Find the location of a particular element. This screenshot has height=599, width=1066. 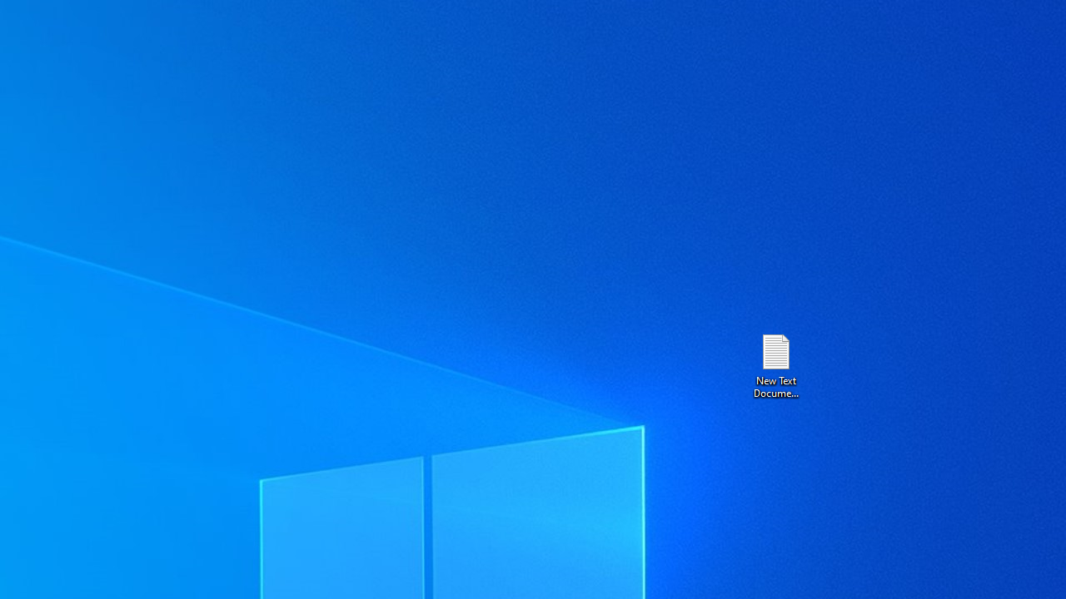

'New Text Document (2)' is located at coordinates (775, 364).